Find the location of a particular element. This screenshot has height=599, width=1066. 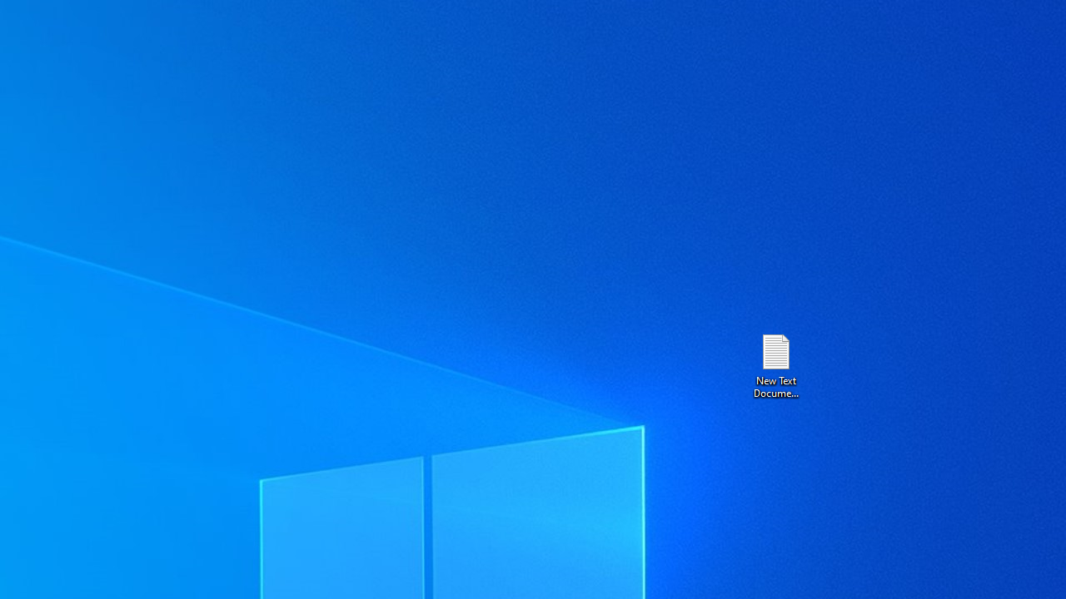

'New Text Document (2)' is located at coordinates (775, 364).